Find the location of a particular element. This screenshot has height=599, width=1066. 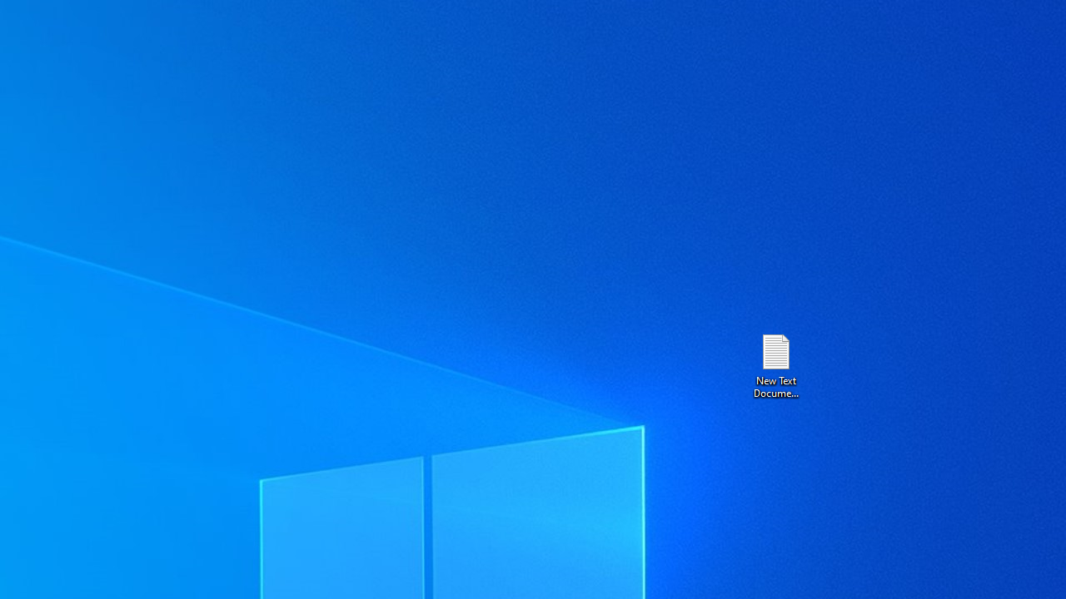

'New Text Document (2)' is located at coordinates (775, 364).